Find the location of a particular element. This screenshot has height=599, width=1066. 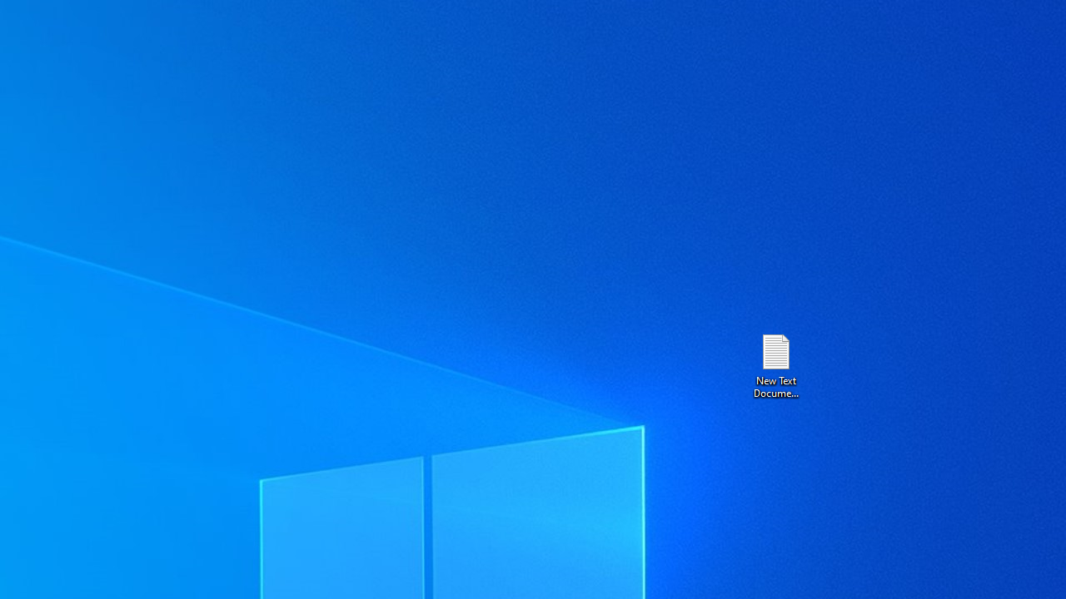

'New Text Document (2)' is located at coordinates (775, 364).